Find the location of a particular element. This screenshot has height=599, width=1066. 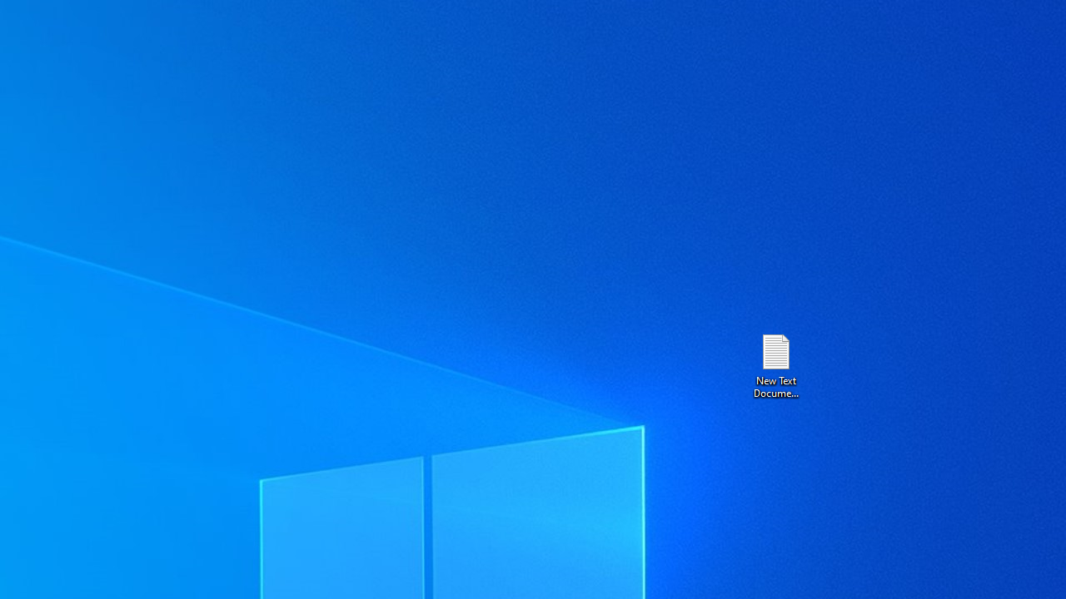

'New Text Document (2)' is located at coordinates (775, 364).